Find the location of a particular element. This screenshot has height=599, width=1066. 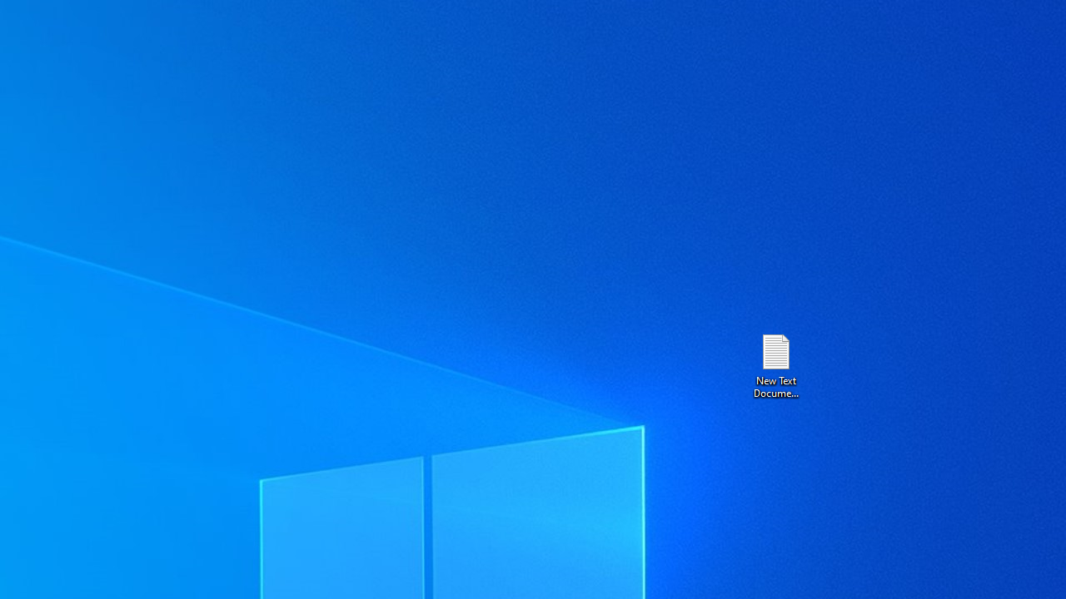

'New Text Document (2)' is located at coordinates (775, 364).